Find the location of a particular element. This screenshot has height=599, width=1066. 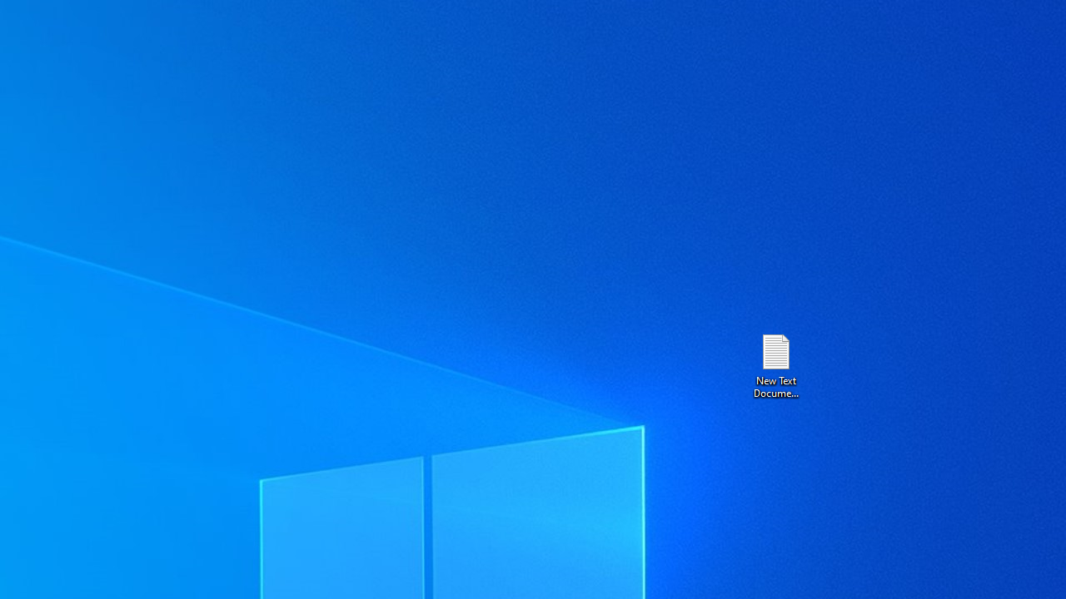

'New Text Document (2)' is located at coordinates (775, 364).